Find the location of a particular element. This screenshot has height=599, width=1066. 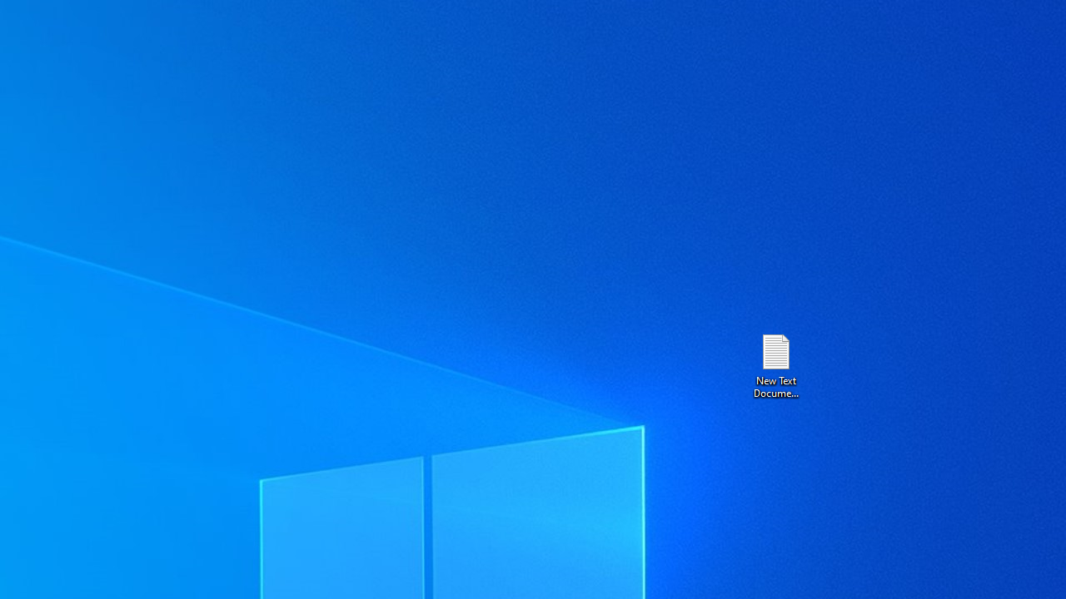

'New Text Document (2)' is located at coordinates (775, 364).